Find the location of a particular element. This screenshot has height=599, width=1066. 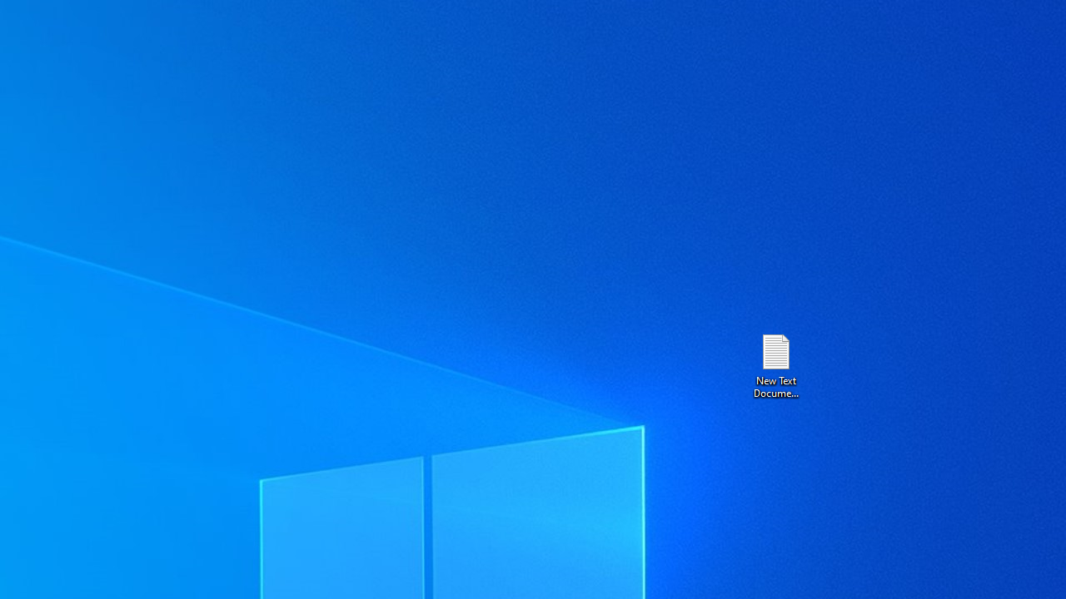

'New Text Document (2)' is located at coordinates (775, 364).